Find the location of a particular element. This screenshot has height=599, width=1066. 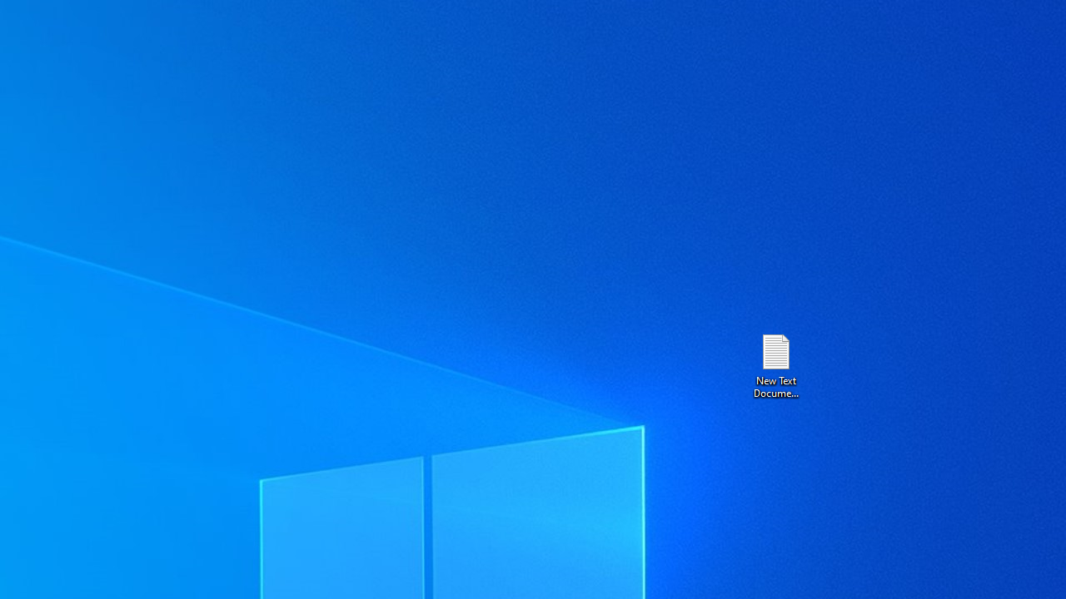

'New Text Document (2)' is located at coordinates (775, 364).